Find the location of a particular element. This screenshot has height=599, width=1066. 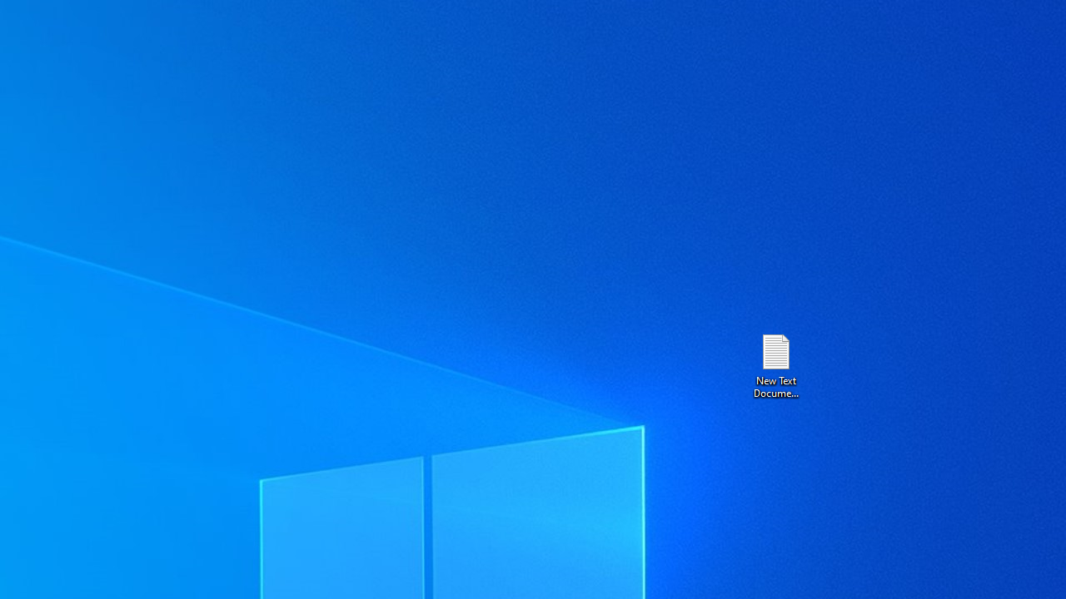

'New Text Document (2)' is located at coordinates (775, 364).